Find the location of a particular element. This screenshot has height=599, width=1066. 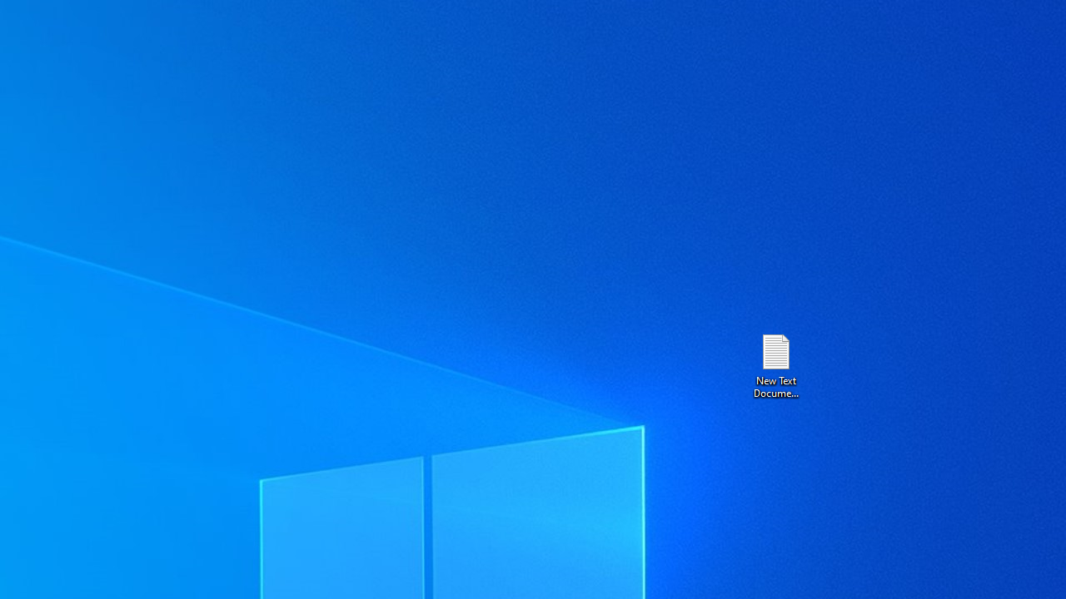

'New Text Document (2)' is located at coordinates (775, 364).